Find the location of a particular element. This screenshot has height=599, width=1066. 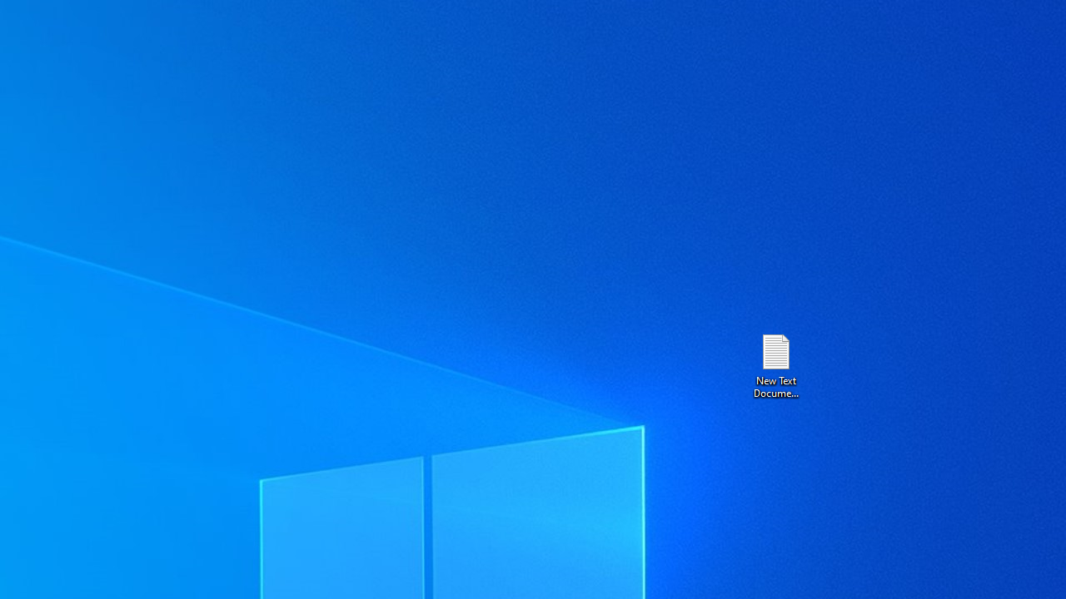

'New Text Document (2)' is located at coordinates (775, 364).